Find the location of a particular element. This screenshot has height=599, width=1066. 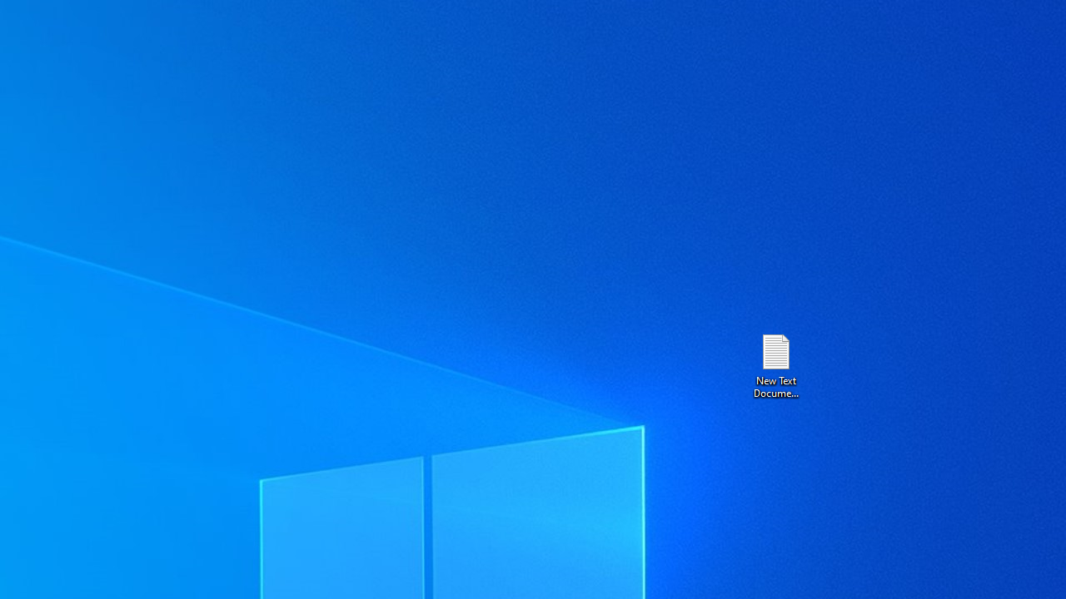

'New Text Document (2)' is located at coordinates (775, 364).